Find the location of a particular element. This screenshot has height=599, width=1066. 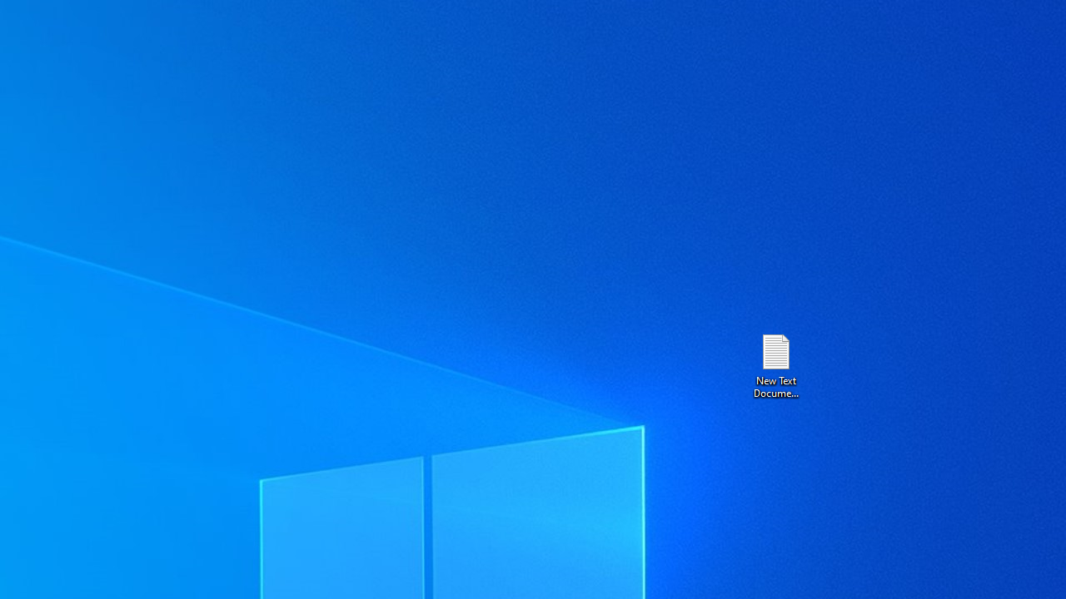

'New Text Document (2)' is located at coordinates (775, 364).